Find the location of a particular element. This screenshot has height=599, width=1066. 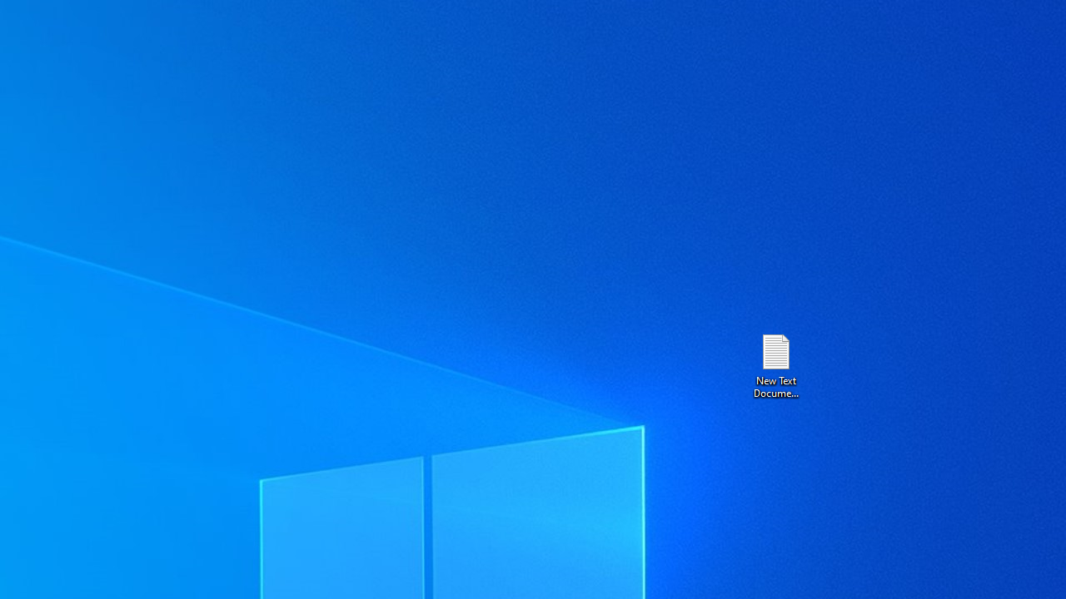

'New Text Document (2)' is located at coordinates (775, 364).